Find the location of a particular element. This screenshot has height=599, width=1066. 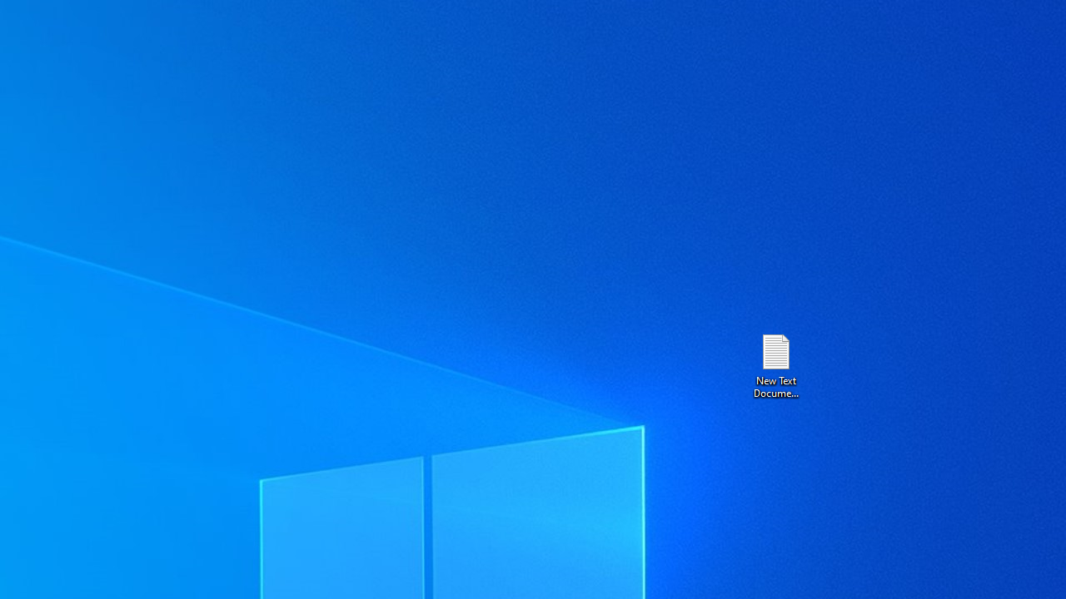

'New Text Document (2)' is located at coordinates (775, 364).